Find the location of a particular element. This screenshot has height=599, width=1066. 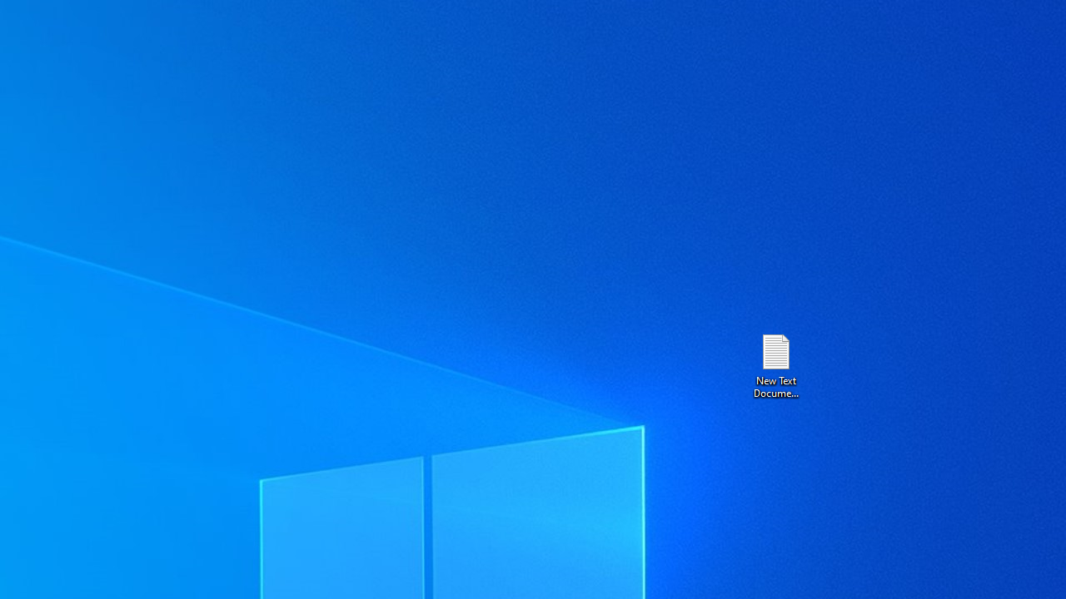

'New Text Document (2)' is located at coordinates (775, 364).